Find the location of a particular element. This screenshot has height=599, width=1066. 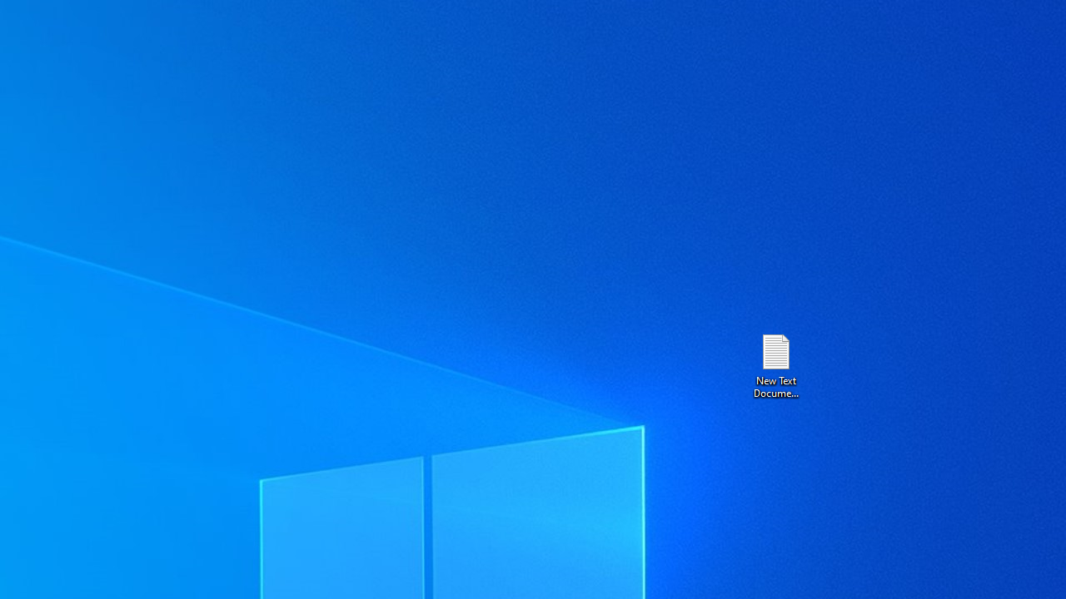

'New Text Document (2)' is located at coordinates (775, 364).